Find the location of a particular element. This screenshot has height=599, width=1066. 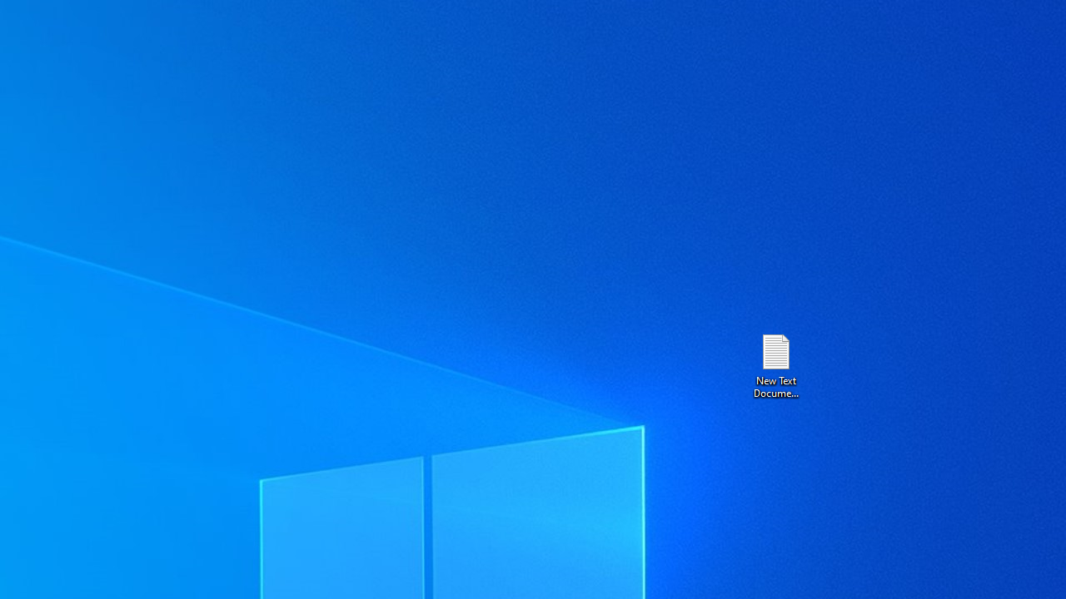

'New Text Document (2)' is located at coordinates (775, 364).